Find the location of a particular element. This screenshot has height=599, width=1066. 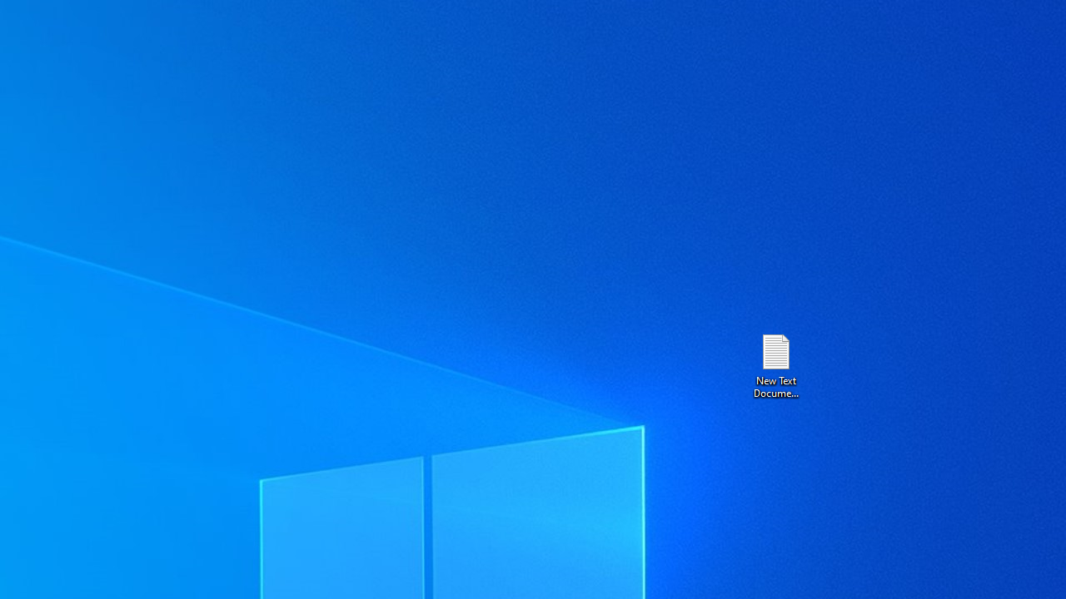

'New Text Document (2)' is located at coordinates (775, 364).